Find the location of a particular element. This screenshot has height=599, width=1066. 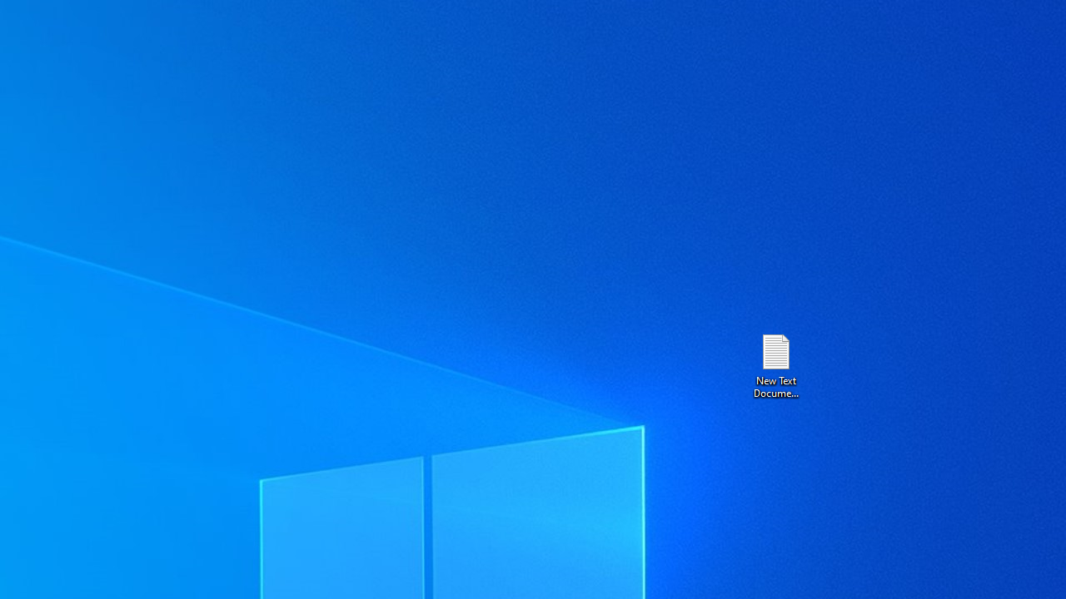

'New Text Document (2)' is located at coordinates (775, 364).